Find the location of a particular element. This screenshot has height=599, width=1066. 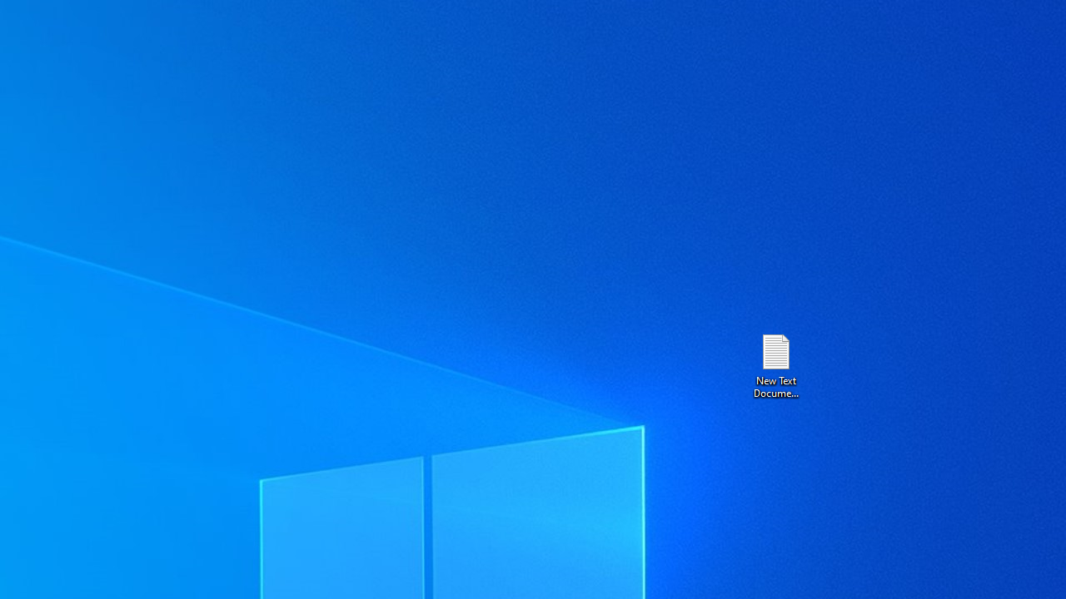

'New Text Document (2)' is located at coordinates (775, 364).